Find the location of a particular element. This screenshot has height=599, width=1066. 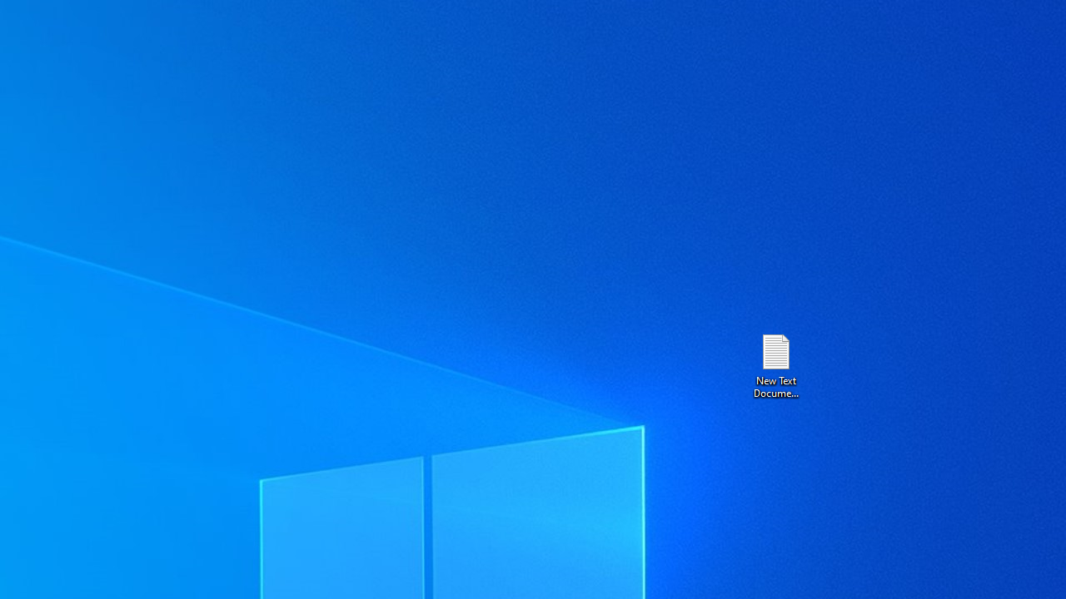

'New Text Document (2)' is located at coordinates (775, 364).